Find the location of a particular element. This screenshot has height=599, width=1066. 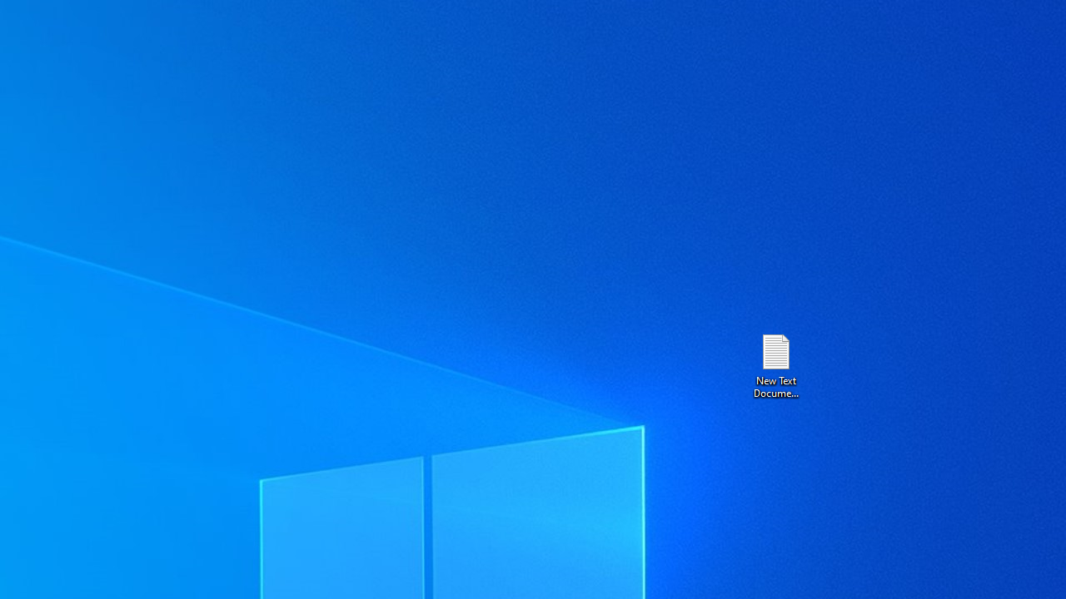

'New Text Document (2)' is located at coordinates (775, 364).